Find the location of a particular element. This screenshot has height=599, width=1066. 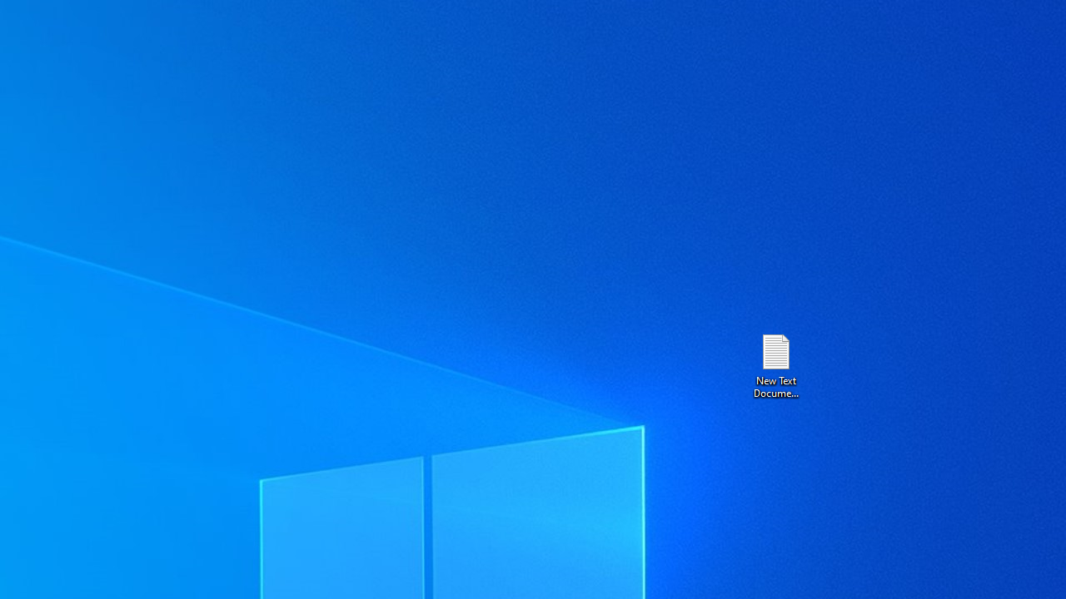

'New Text Document (2)' is located at coordinates (775, 364).